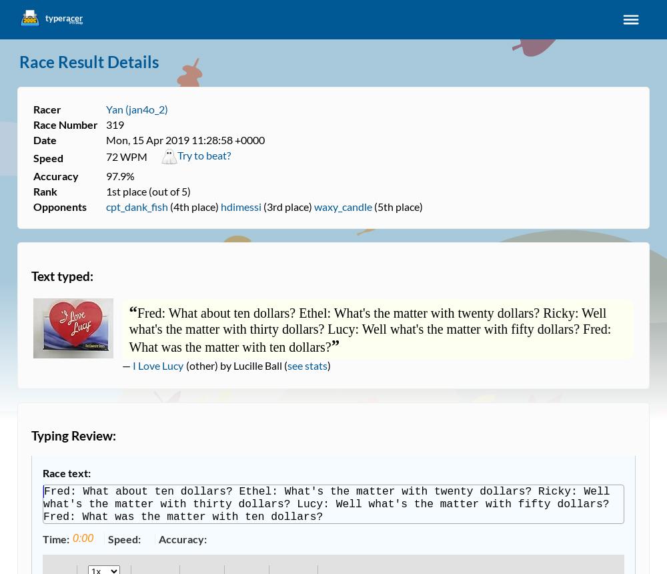 Image resolution: width=667 pixels, height=574 pixels. What do you see at coordinates (33, 206) in the screenshot?
I see `'Opponents'` at bounding box center [33, 206].